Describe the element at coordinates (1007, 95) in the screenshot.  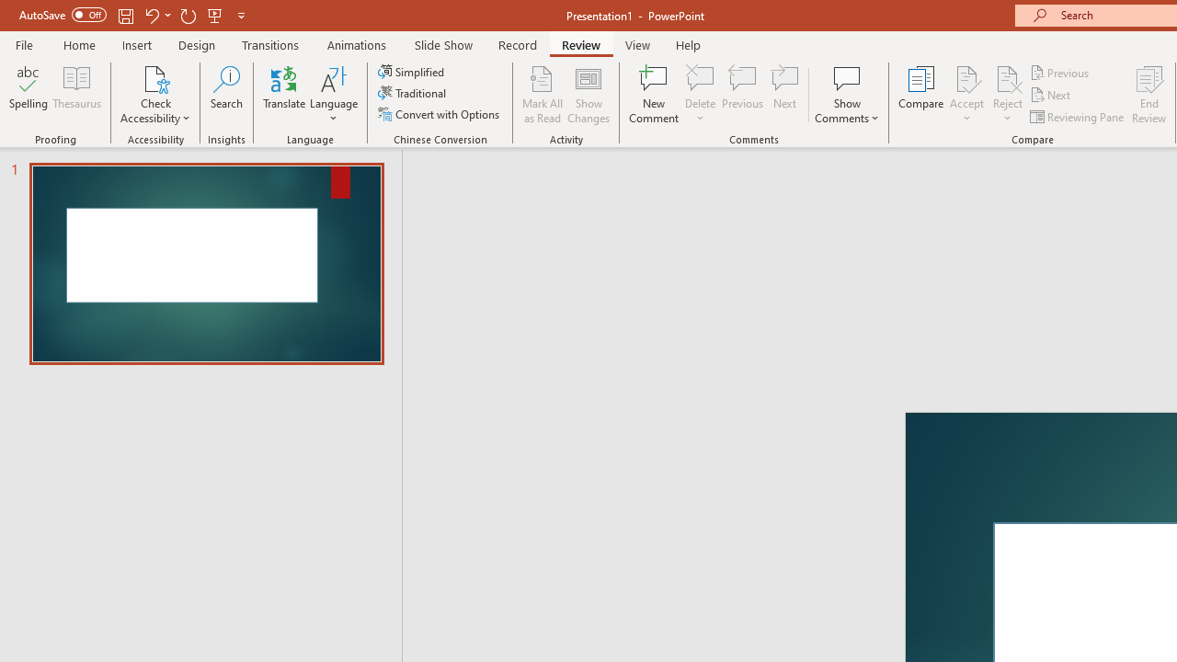
I see `'Reject'` at that location.